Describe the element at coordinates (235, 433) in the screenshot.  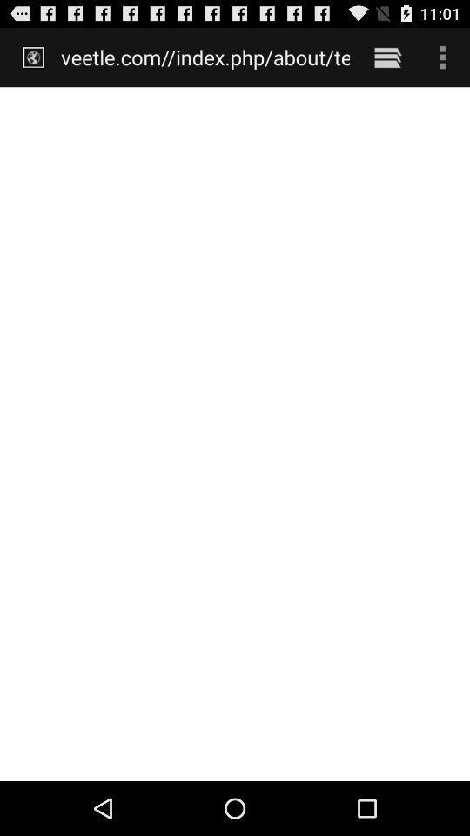
I see `icon below the veetle com index item` at that location.